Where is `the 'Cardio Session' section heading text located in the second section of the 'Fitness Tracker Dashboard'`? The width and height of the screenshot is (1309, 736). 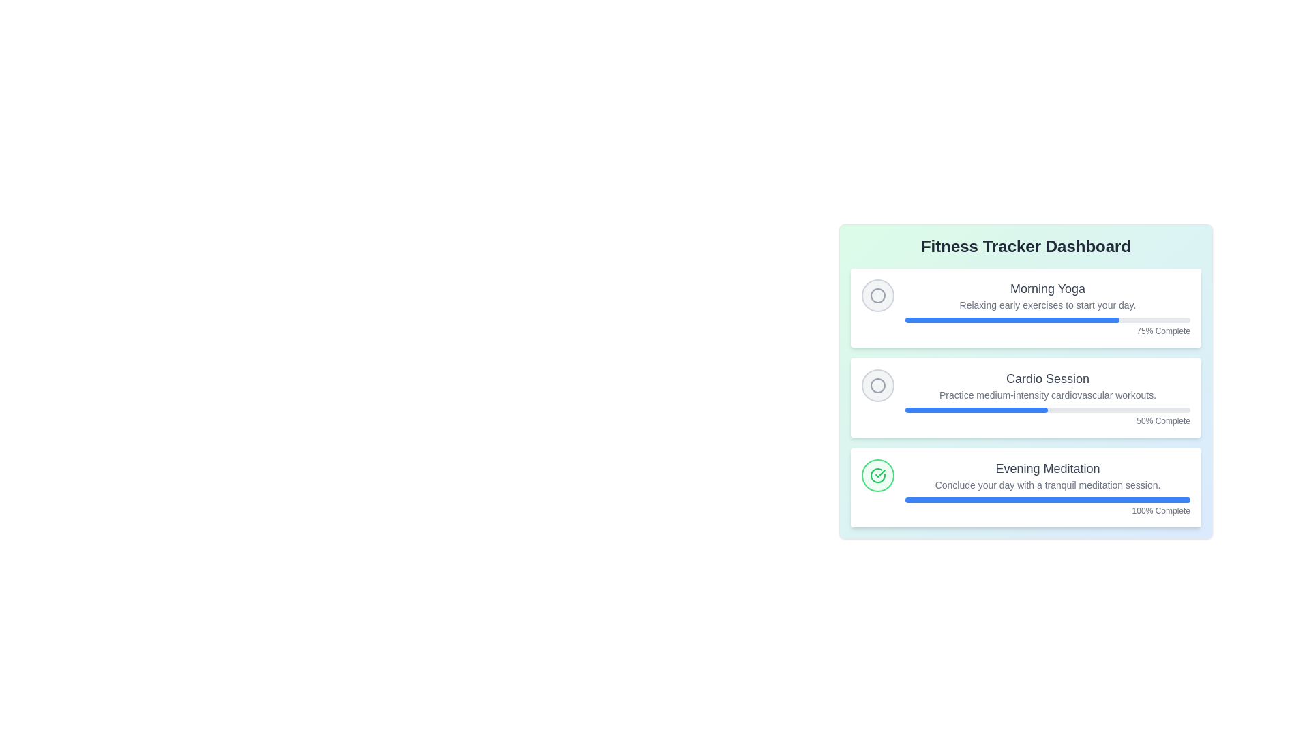
the 'Cardio Session' section heading text located in the second section of the 'Fitness Tracker Dashboard' is located at coordinates (1047, 378).